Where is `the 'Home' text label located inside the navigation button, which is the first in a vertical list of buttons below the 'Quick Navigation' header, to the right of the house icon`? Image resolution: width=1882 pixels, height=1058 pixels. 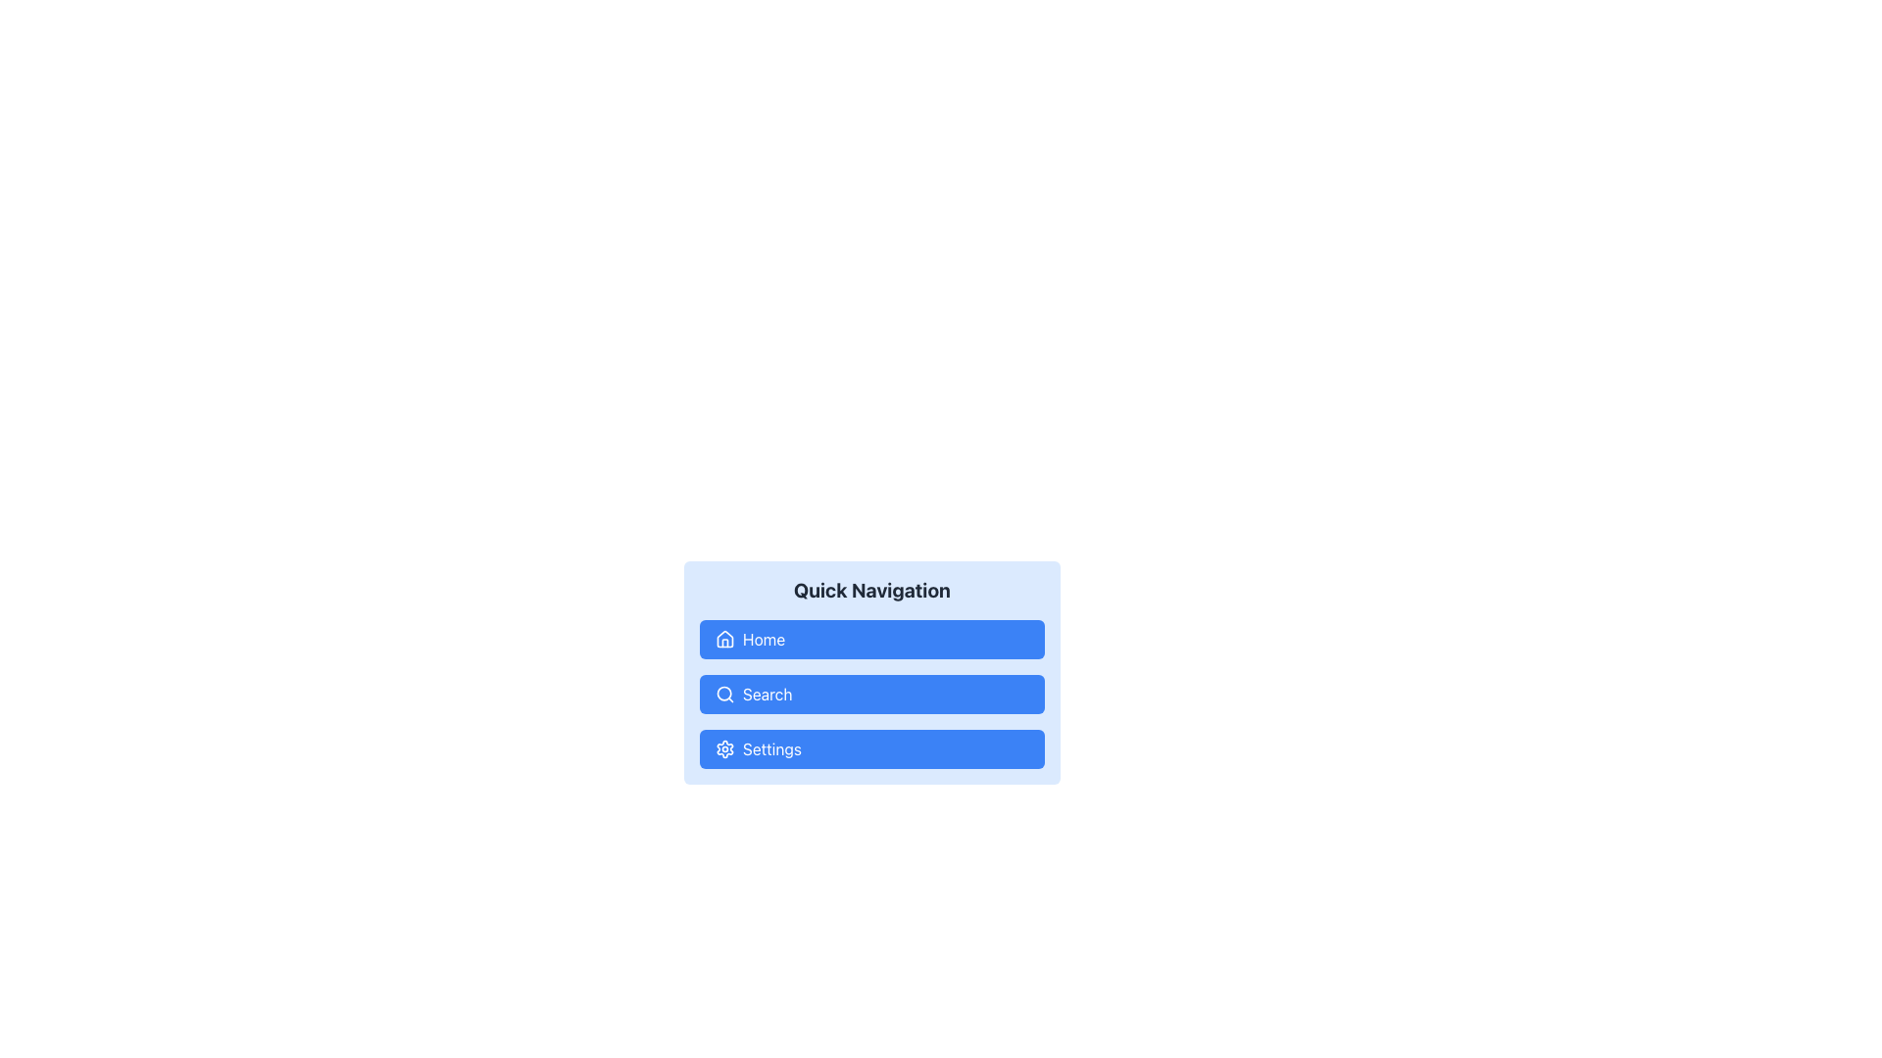
the 'Home' text label located inside the navigation button, which is the first in a vertical list of buttons below the 'Quick Navigation' header, to the right of the house icon is located at coordinates (763, 639).